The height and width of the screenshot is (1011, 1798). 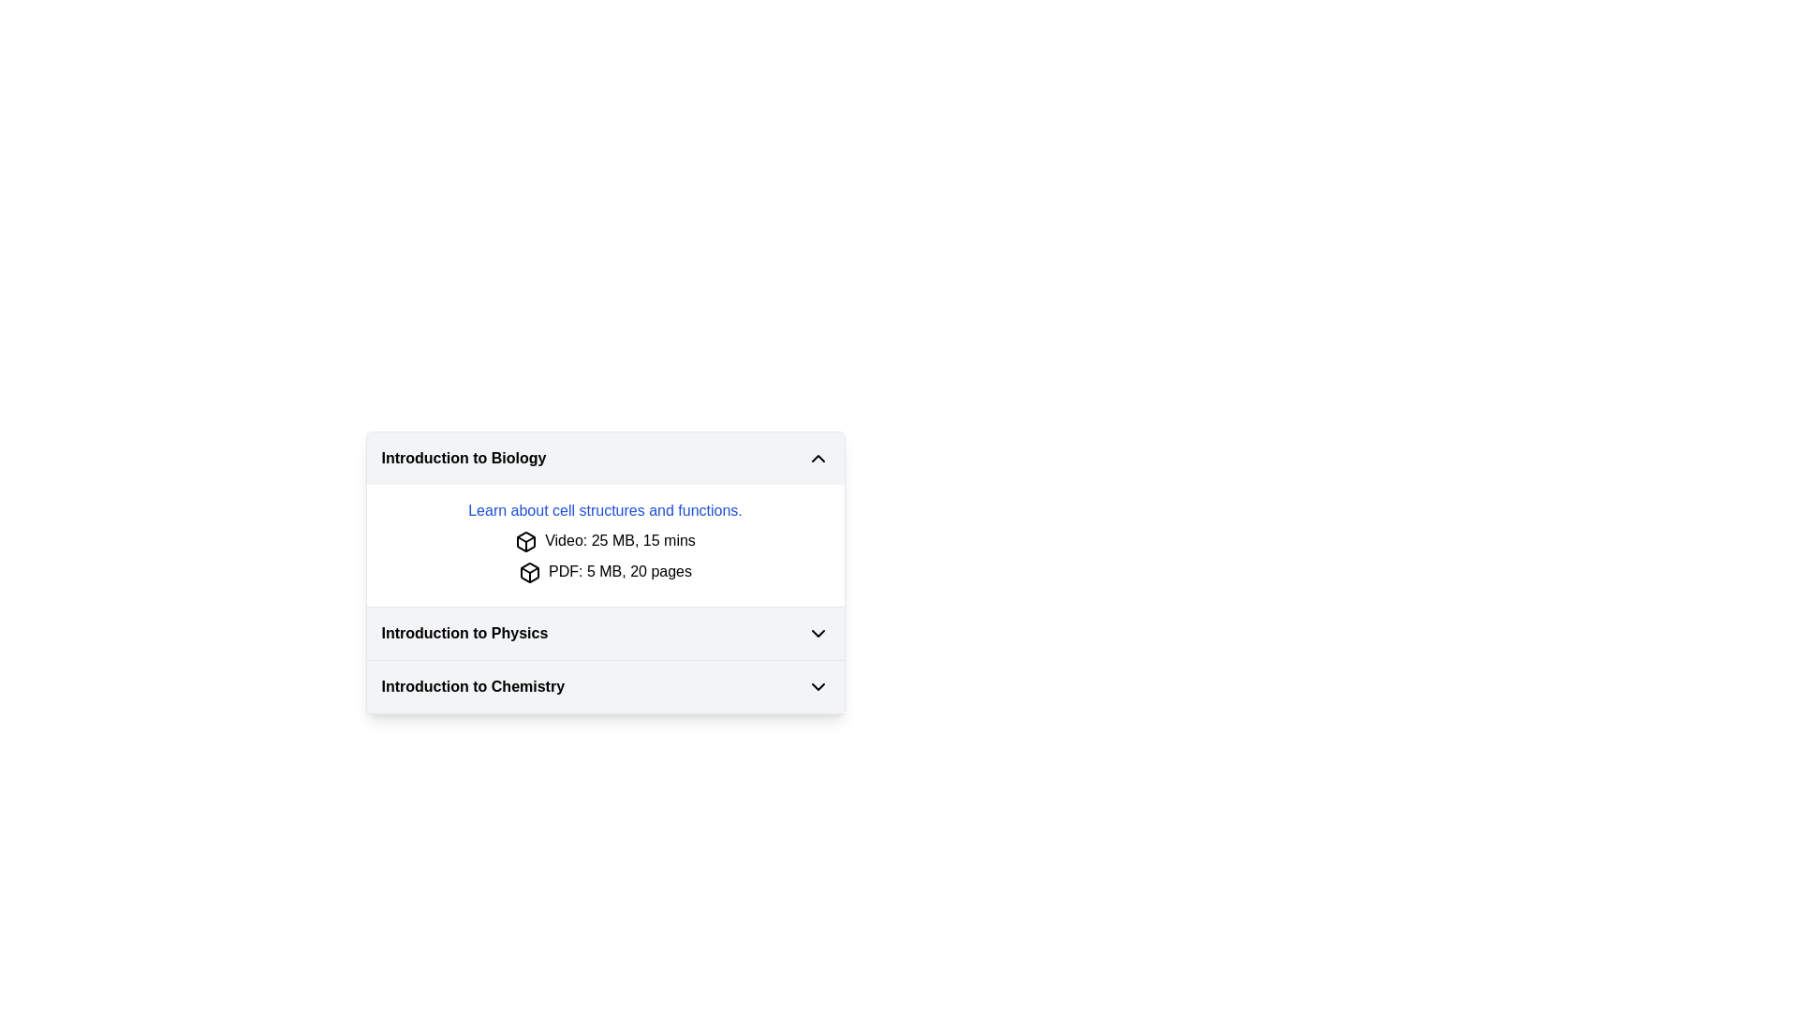 I want to click on the third interactive expandable list item titled 'Introduction to Chemistry' to change its background color, so click(x=605, y=687).